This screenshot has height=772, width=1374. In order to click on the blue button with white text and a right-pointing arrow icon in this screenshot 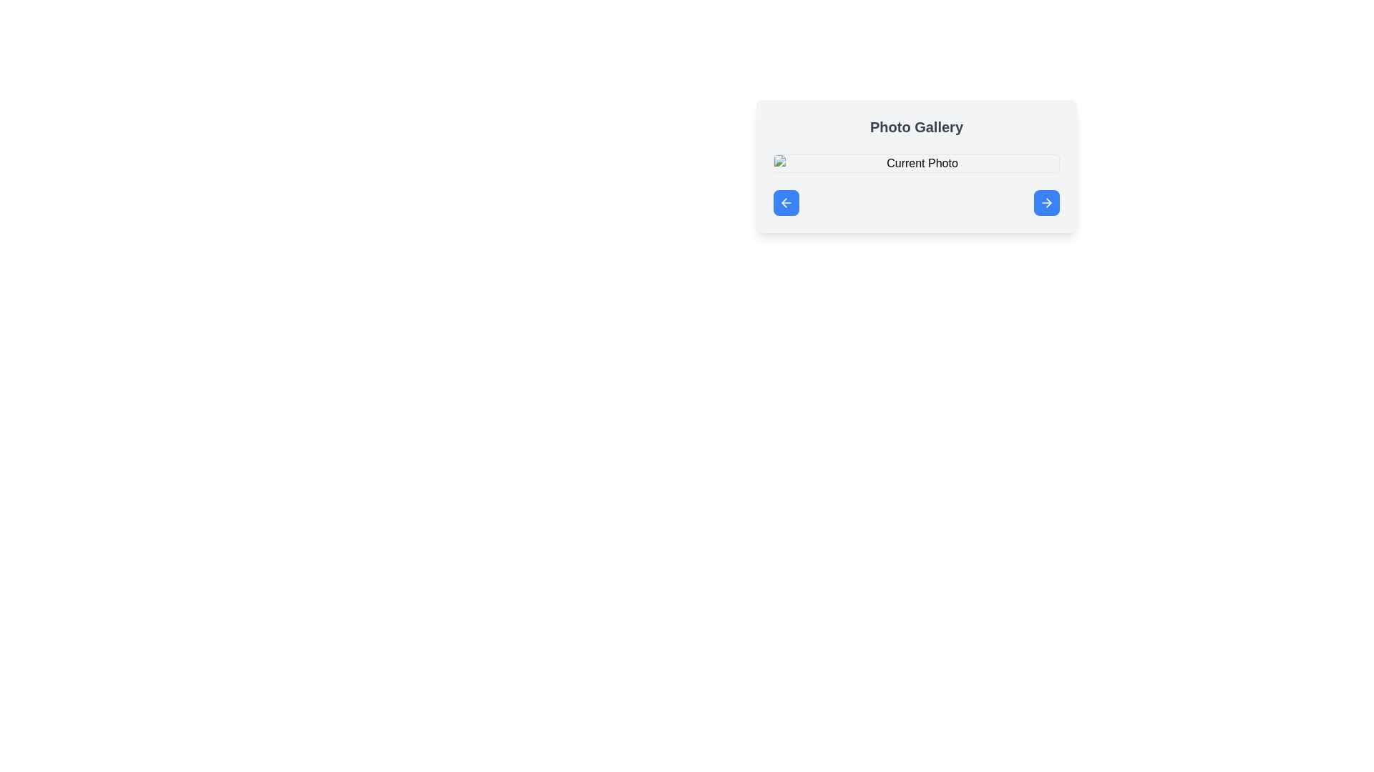, I will do `click(1047, 203)`.